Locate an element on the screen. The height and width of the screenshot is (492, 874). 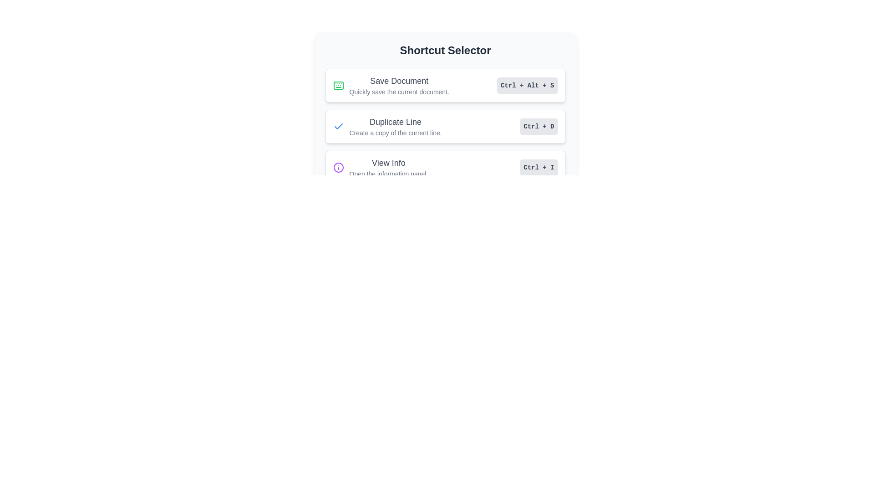
the icon representing the 'View Info' functionality, which is located to the left of the text 'View Info' and 'Open the information panel.' in the third row of the list is located at coordinates (338, 167).